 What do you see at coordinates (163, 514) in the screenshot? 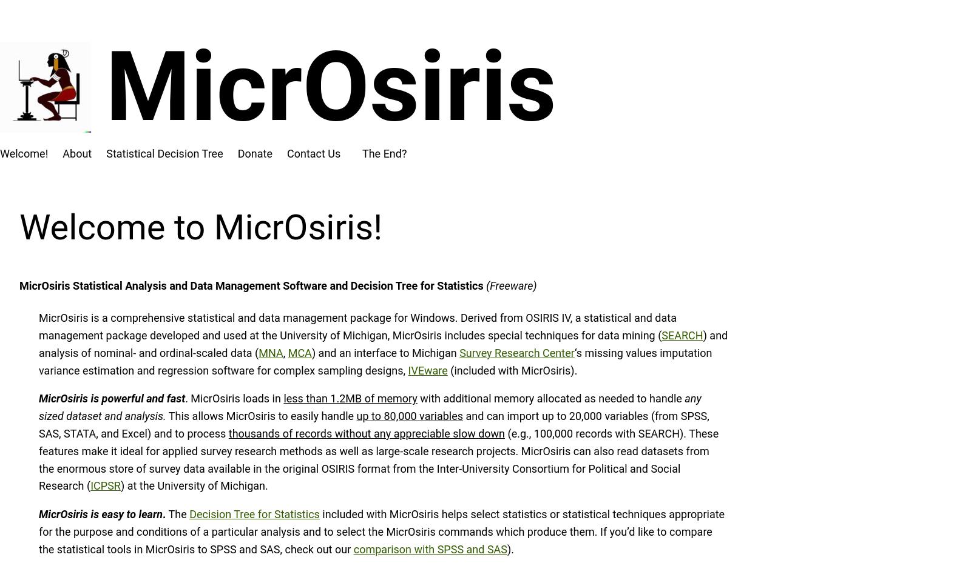
I see `'.'` at bounding box center [163, 514].